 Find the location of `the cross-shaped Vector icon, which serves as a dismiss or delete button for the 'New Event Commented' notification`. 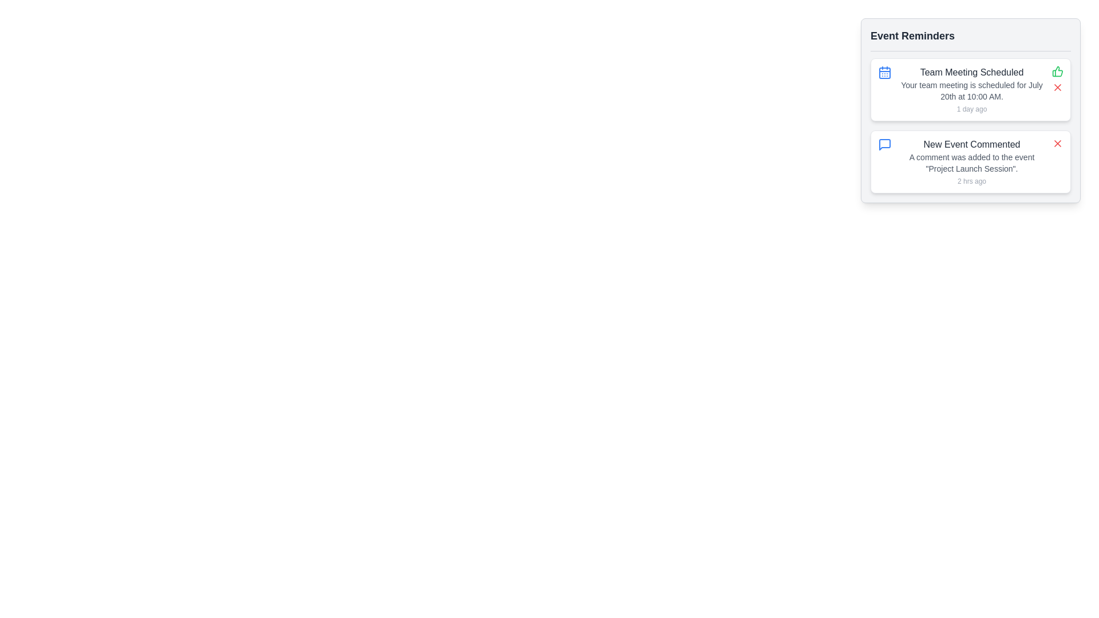

the cross-shaped Vector icon, which serves as a dismiss or delete button for the 'New Event Commented' notification is located at coordinates (1057, 142).